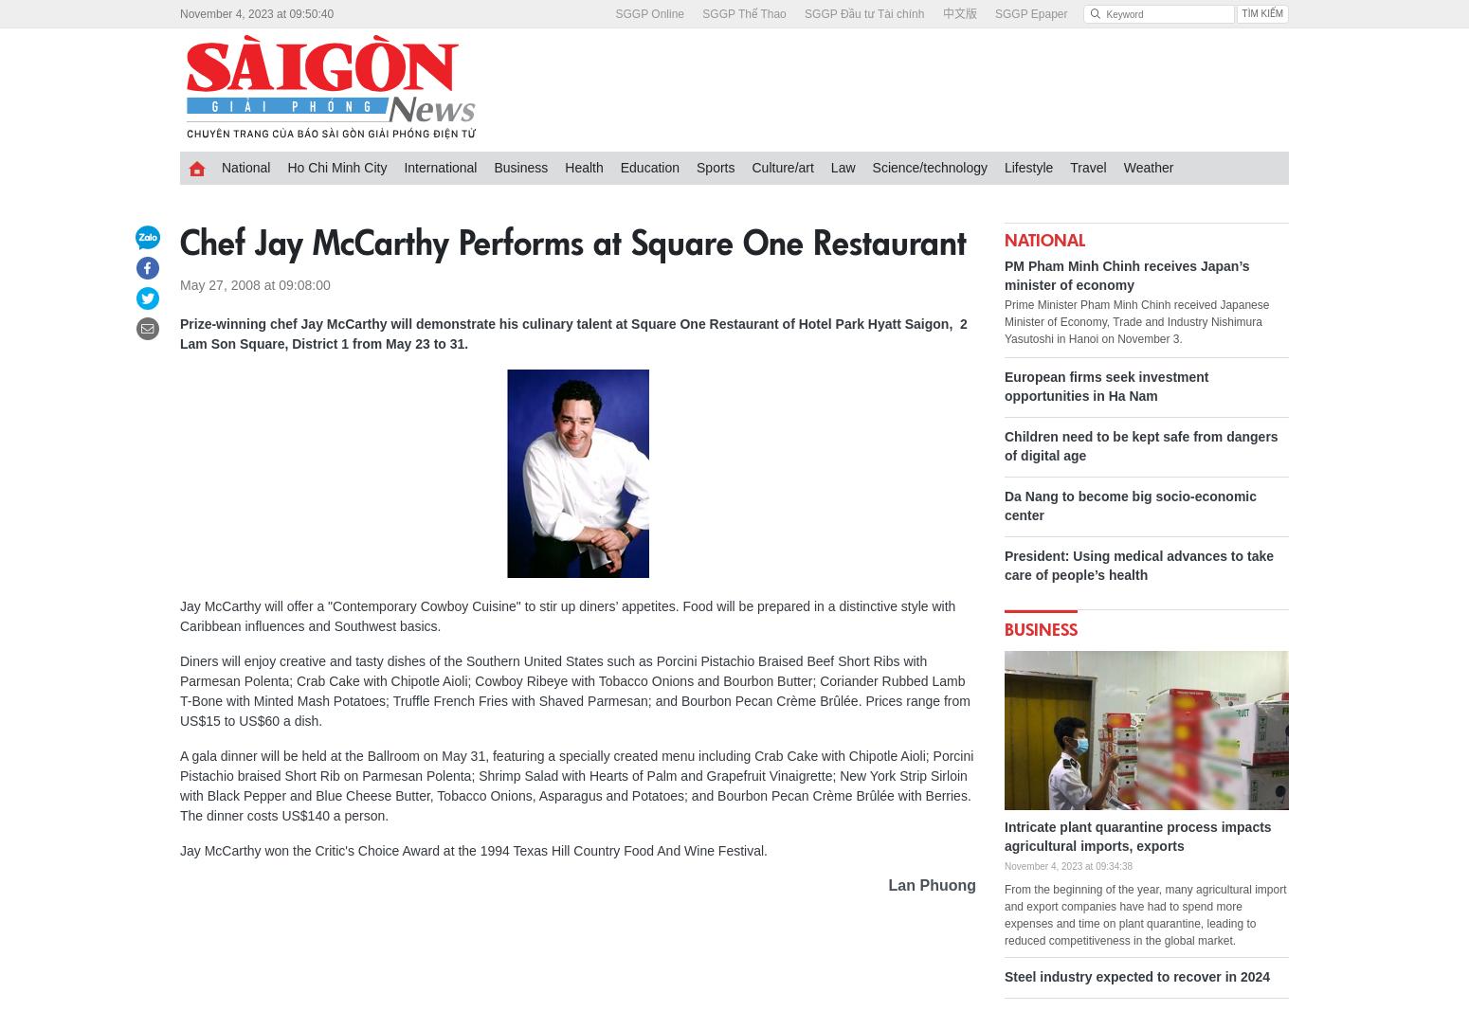 This screenshot has height=1011, width=1469. Describe the element at coordinates (568, 616) in the screenshot. I see `'Jay McCarthy will offer a "Contemporary Cowboy Cuisine" to stir up diners’ appetites. Food will be prepared in a distinctive style with Caribbean influences and Southwest basics.'` at that location.